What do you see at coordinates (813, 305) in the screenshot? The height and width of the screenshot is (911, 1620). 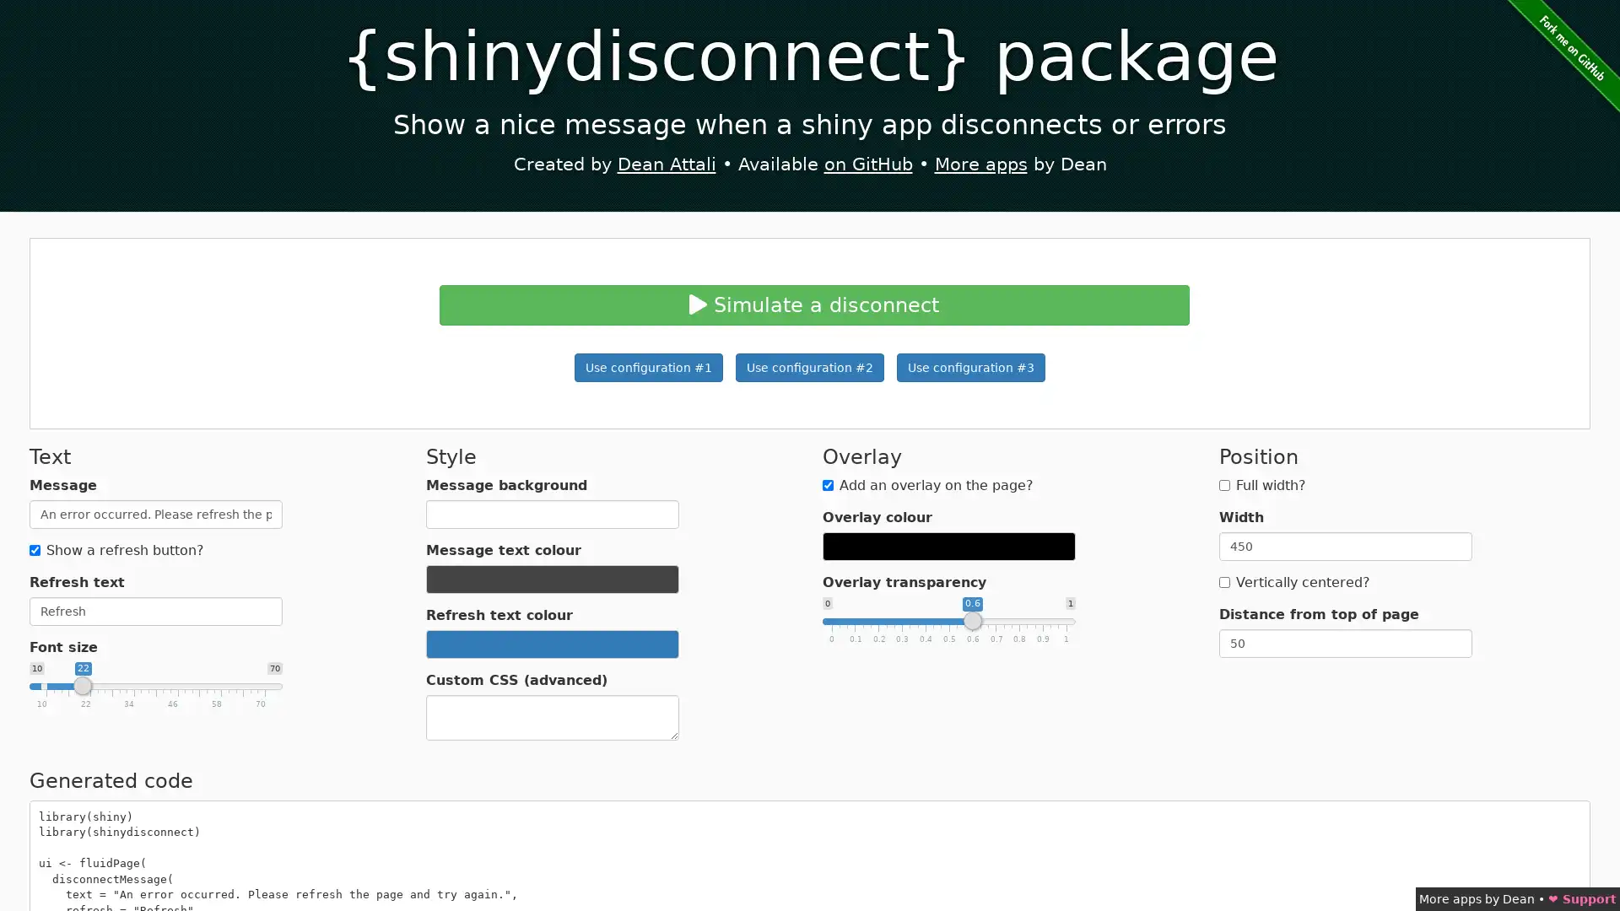 I see `Simulate a disconnect` at bounding box center [813, 305].